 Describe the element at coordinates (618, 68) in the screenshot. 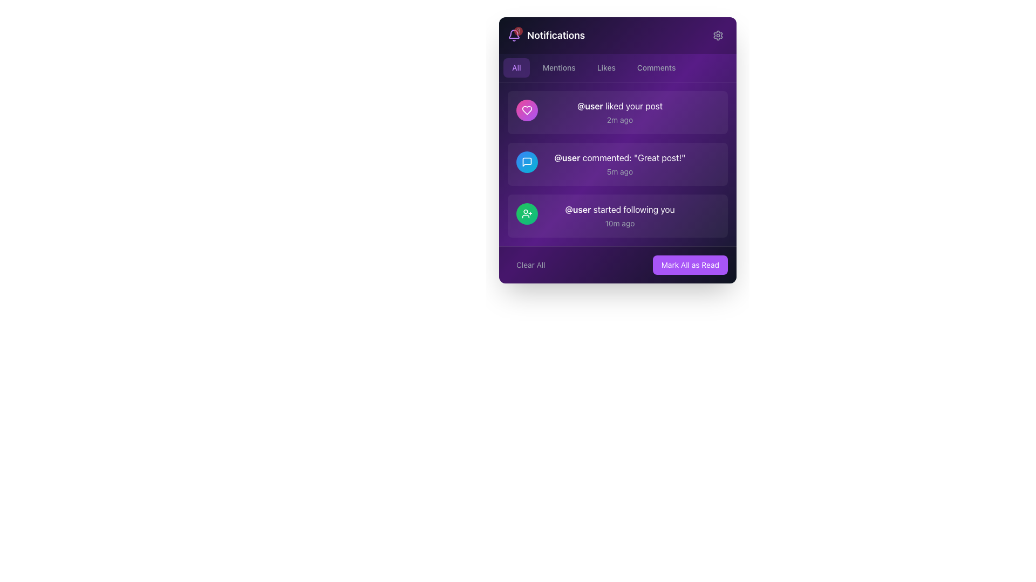

I see `the tab group located directly below the 'Notifications' title in the notification panel to switch the filter for notifications` at that location.